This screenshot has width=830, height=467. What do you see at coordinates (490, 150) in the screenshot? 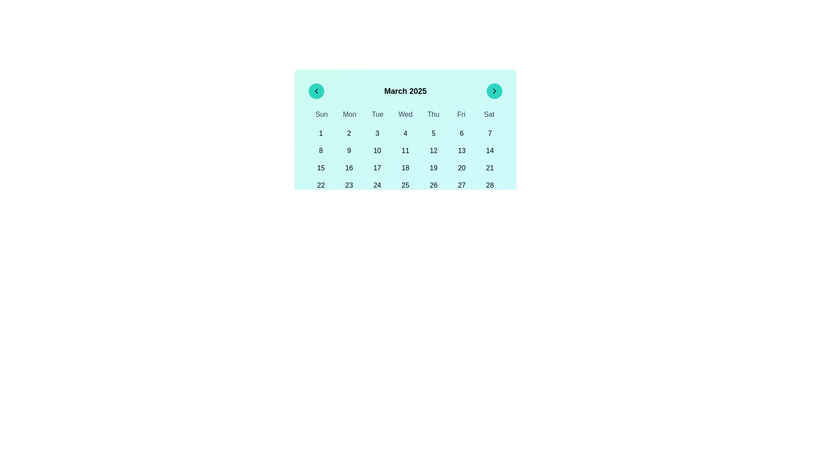
I see `the button representing the date '14' in the calendar` at bounding box center [490, 150].